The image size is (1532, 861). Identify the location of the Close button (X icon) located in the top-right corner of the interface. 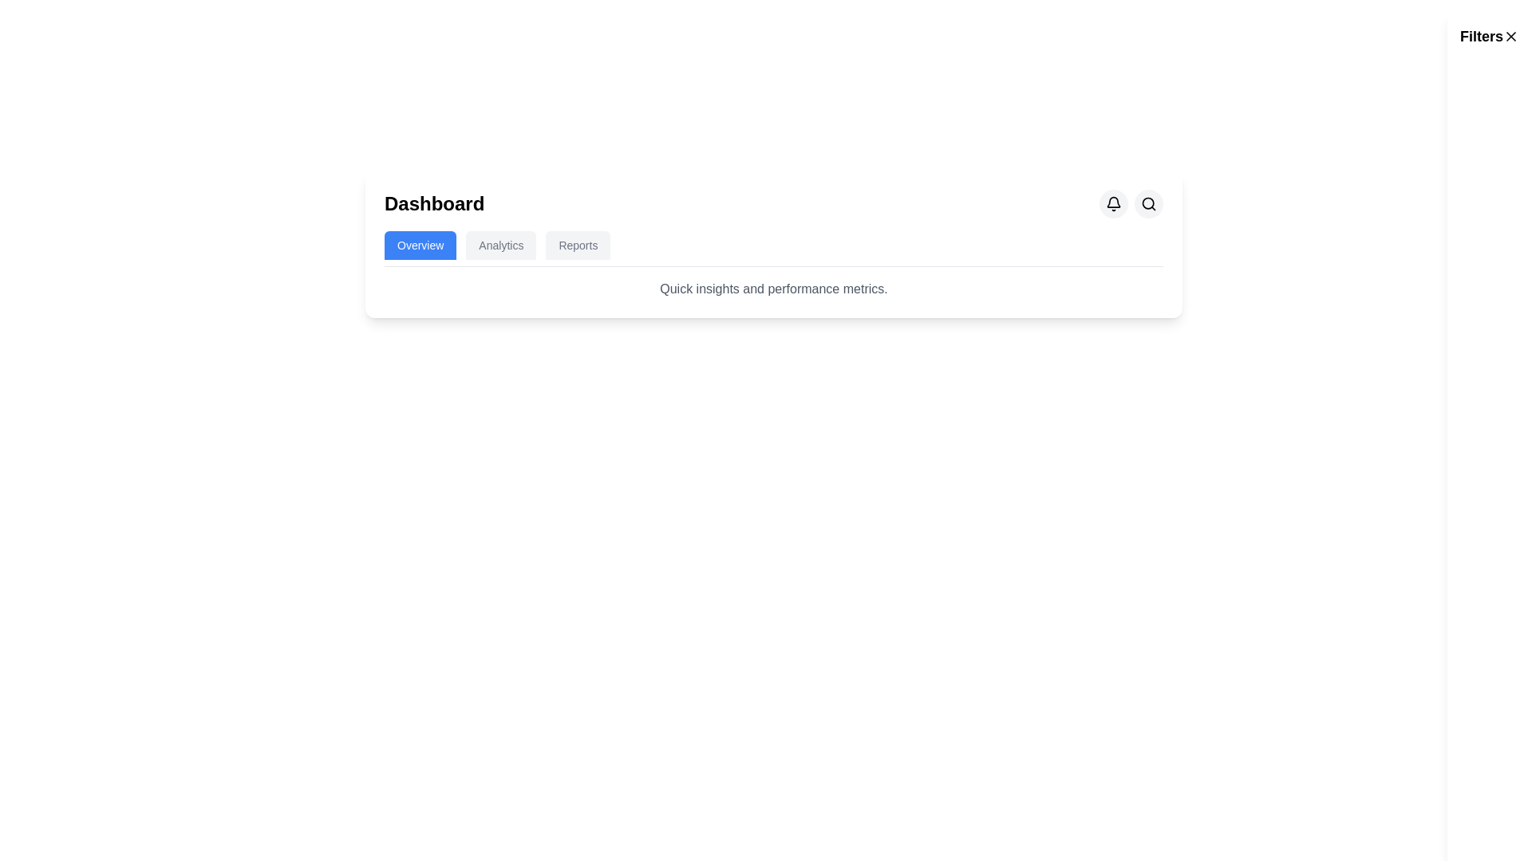
(1510, 36).